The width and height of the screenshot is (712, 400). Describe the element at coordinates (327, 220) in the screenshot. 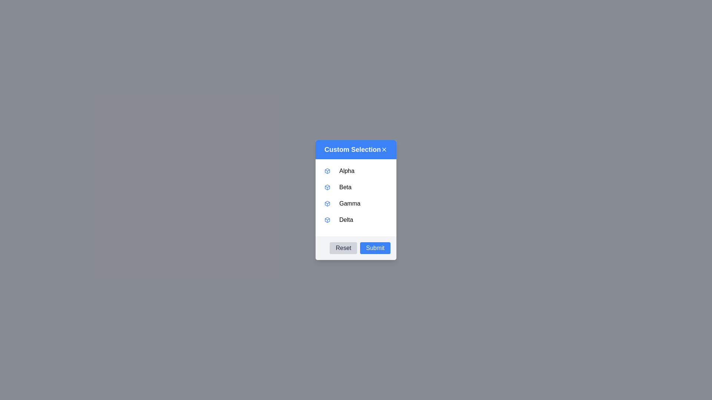

I see `the blue outlined box icon adjacent to the label 'Delta' in the vertical list` at that location.